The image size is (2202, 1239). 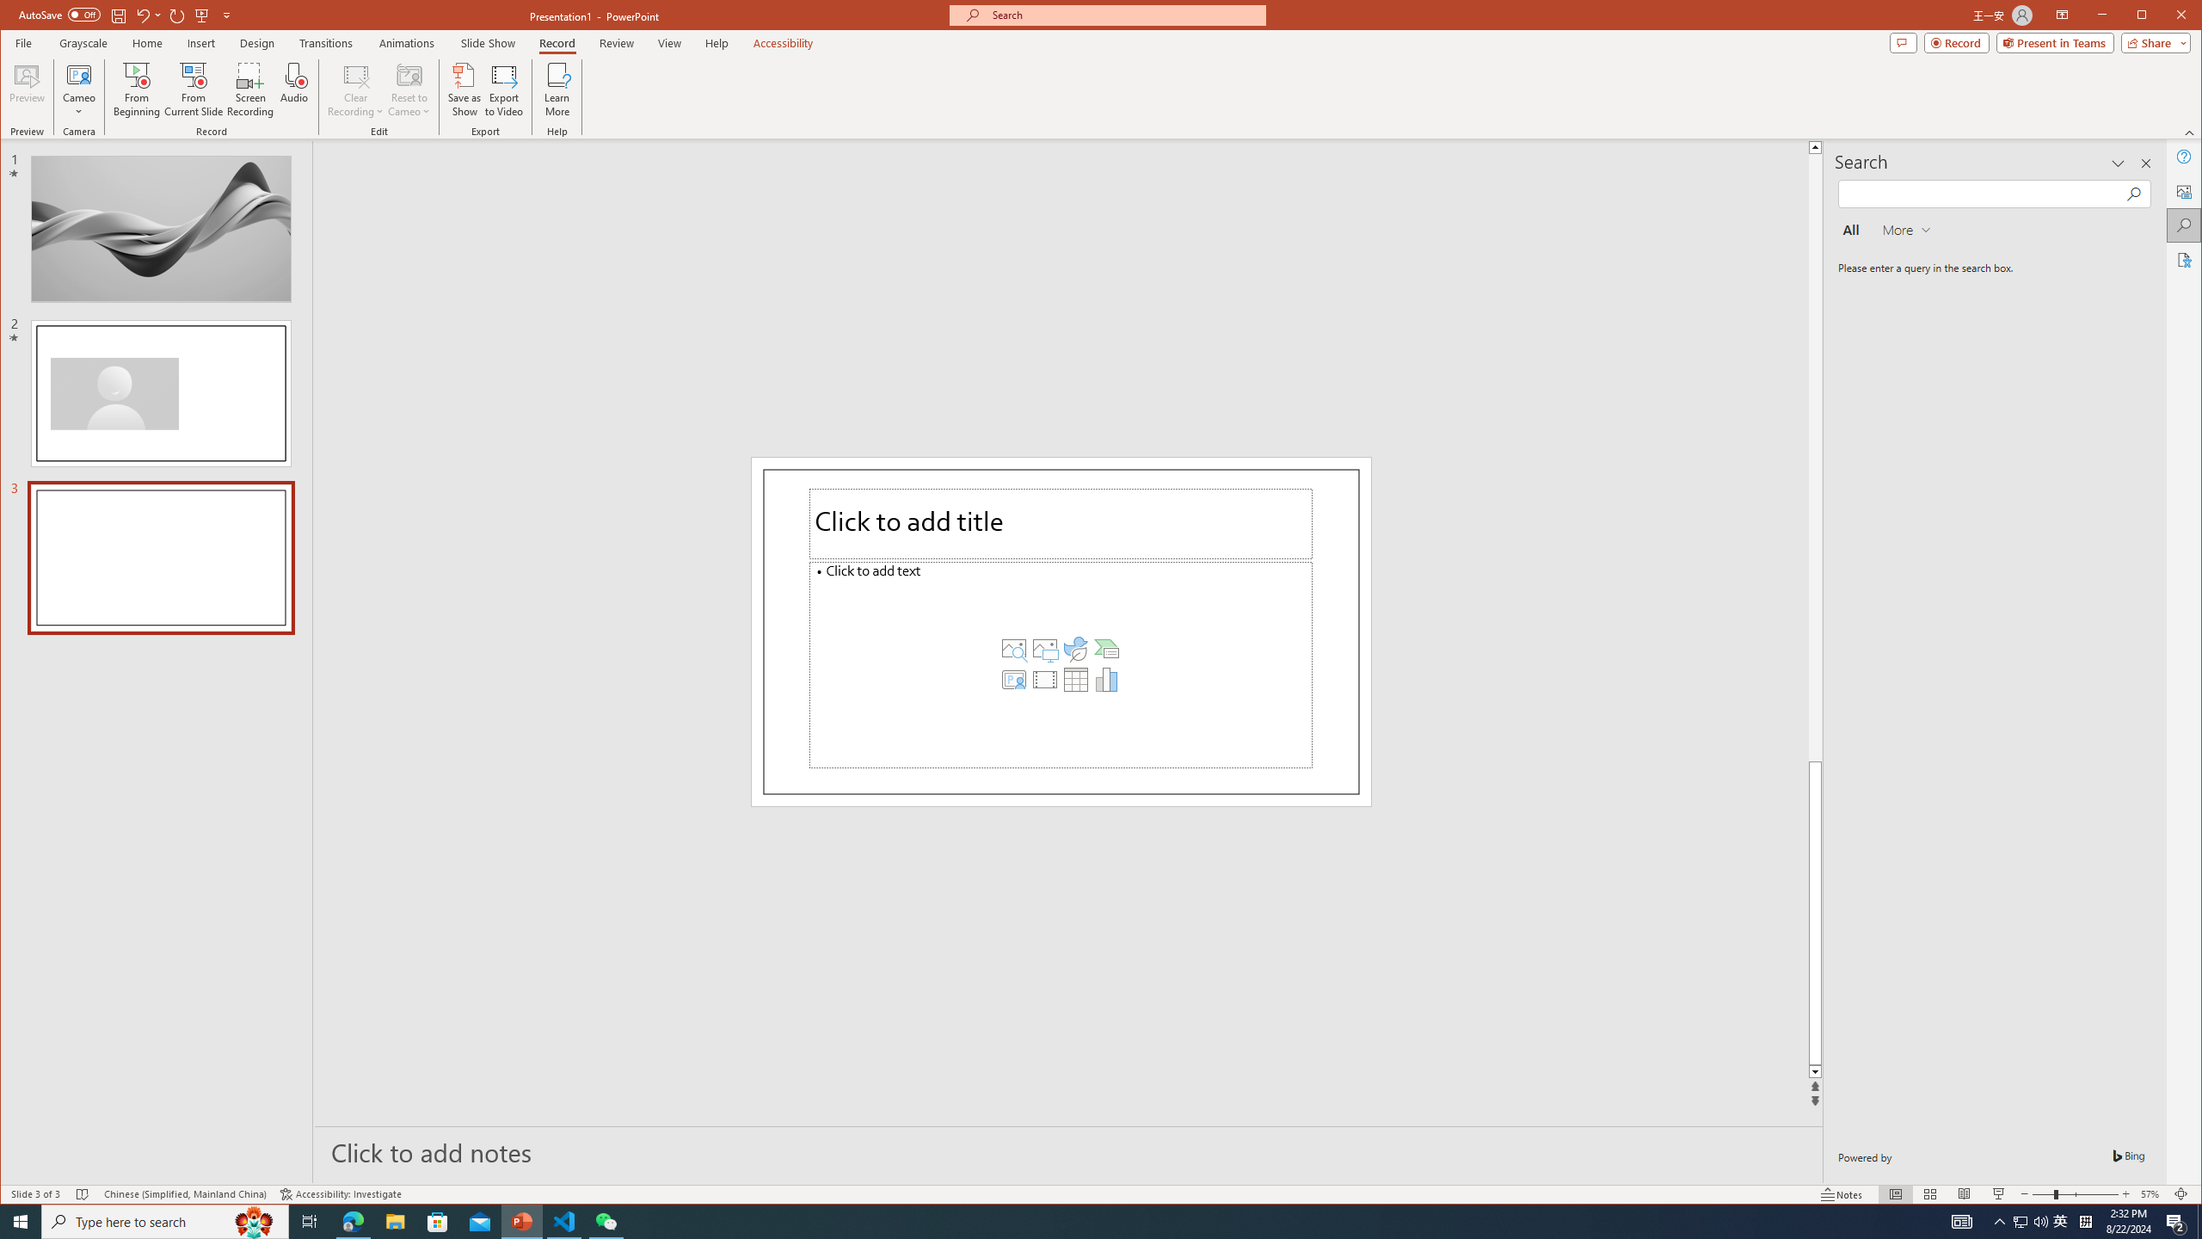 What do you see at coordinates (1075, 679) in the screenshot?
I see `'Insert Table'` at bounding box center [1075, 679].